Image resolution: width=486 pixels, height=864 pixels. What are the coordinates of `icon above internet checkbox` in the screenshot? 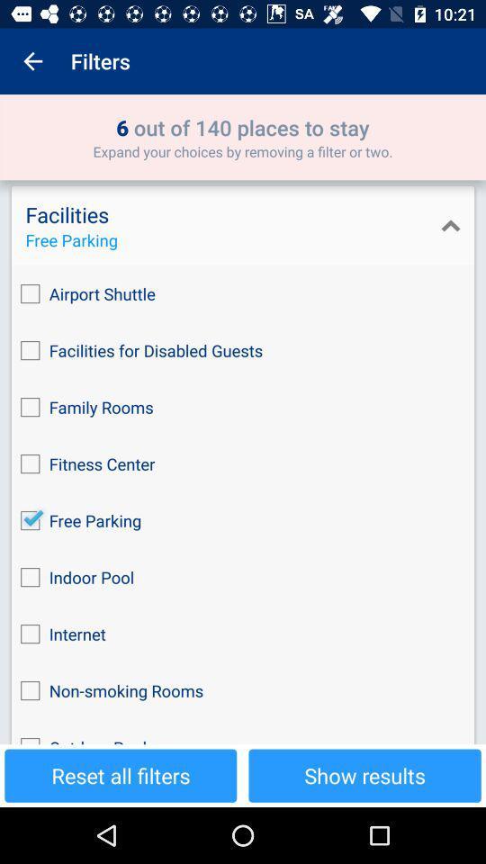 It's located at (243, 576).